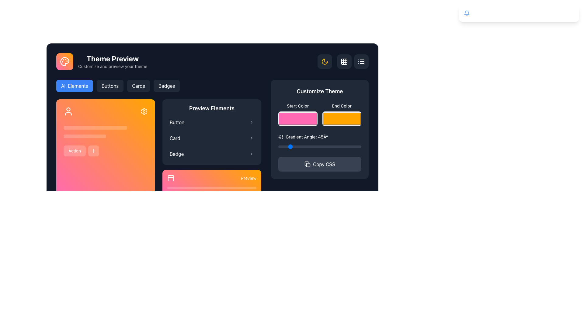 This screenshot has height=328, width=584. Describe the element at coordinates (251, 138) in the screenshot. I see `the Chevron icon located at the center-right of the 'Card' list item in the 'Preview Elements' panel, which indicates a navigational action` at that location.